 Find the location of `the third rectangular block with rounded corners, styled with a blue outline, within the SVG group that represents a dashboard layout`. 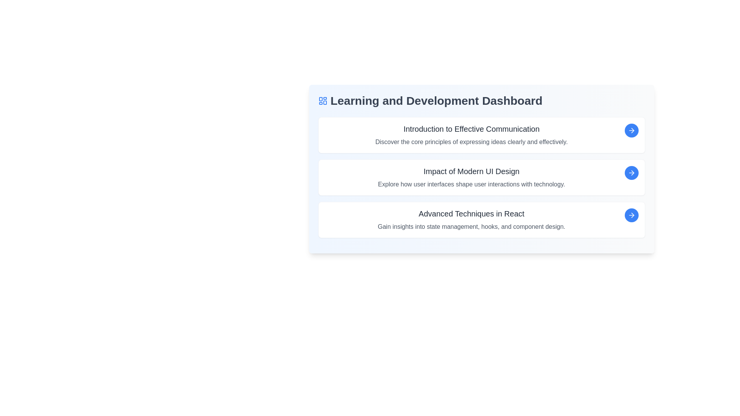

the third rectangular block with rounded corners, styled with a blue outline, within the SVG group that represents a dashboard layout is located at coordinates (325, 102).